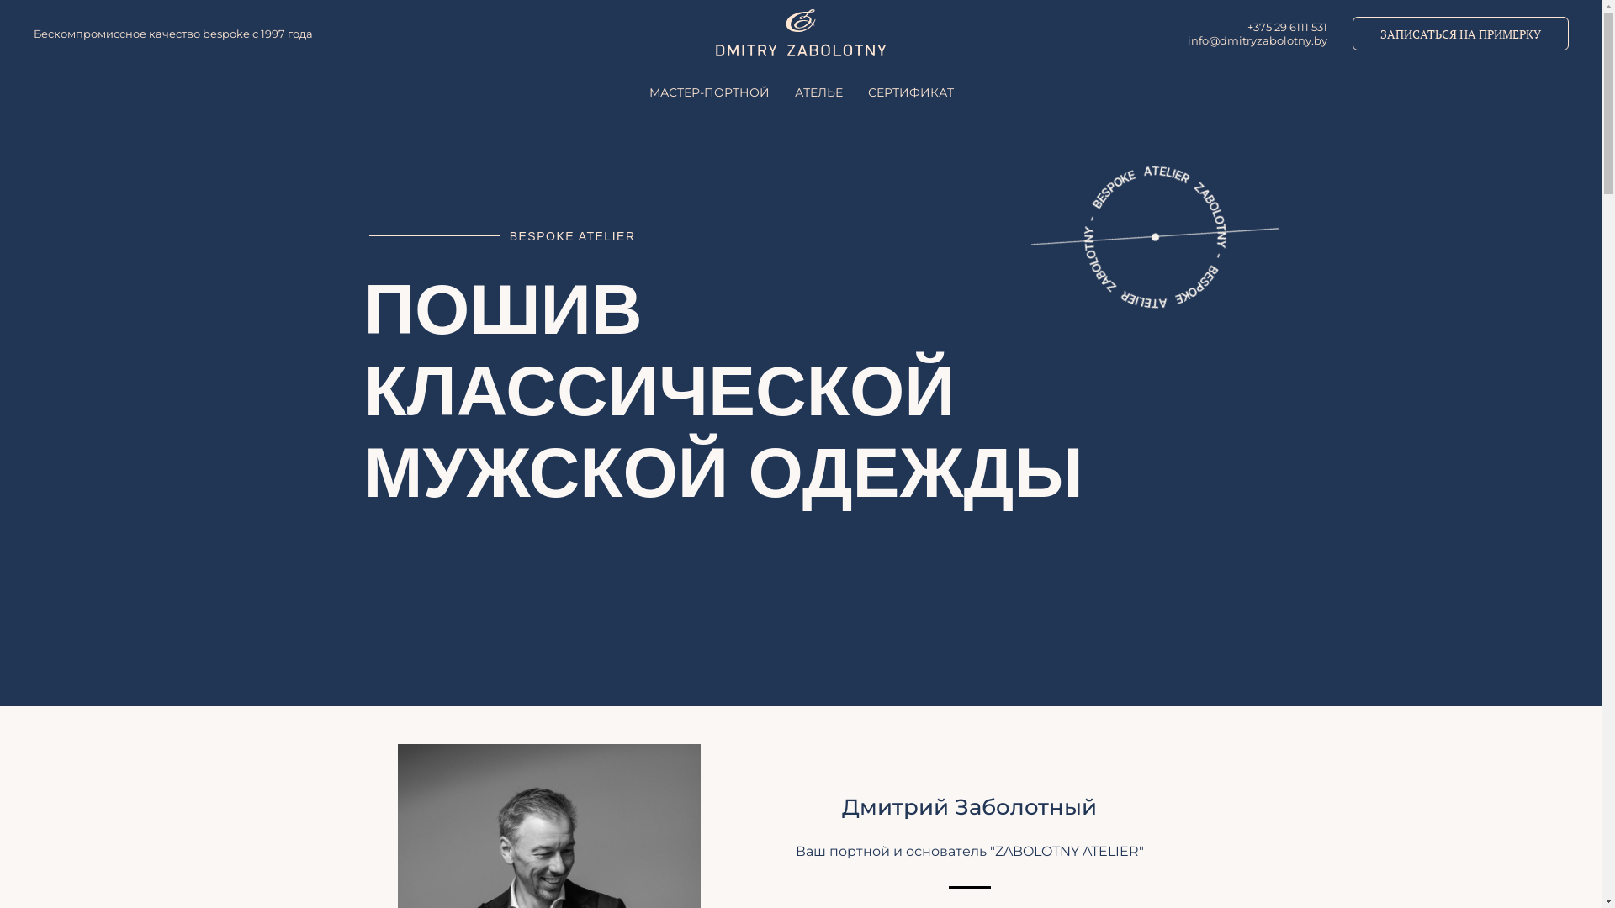 The width and height of the screenshot is (1615, 908). What do you see at coordinates (1247, 26) in the screenshot?
I see `'+375 29 6111 531'` at bounding box center [1247, 26].